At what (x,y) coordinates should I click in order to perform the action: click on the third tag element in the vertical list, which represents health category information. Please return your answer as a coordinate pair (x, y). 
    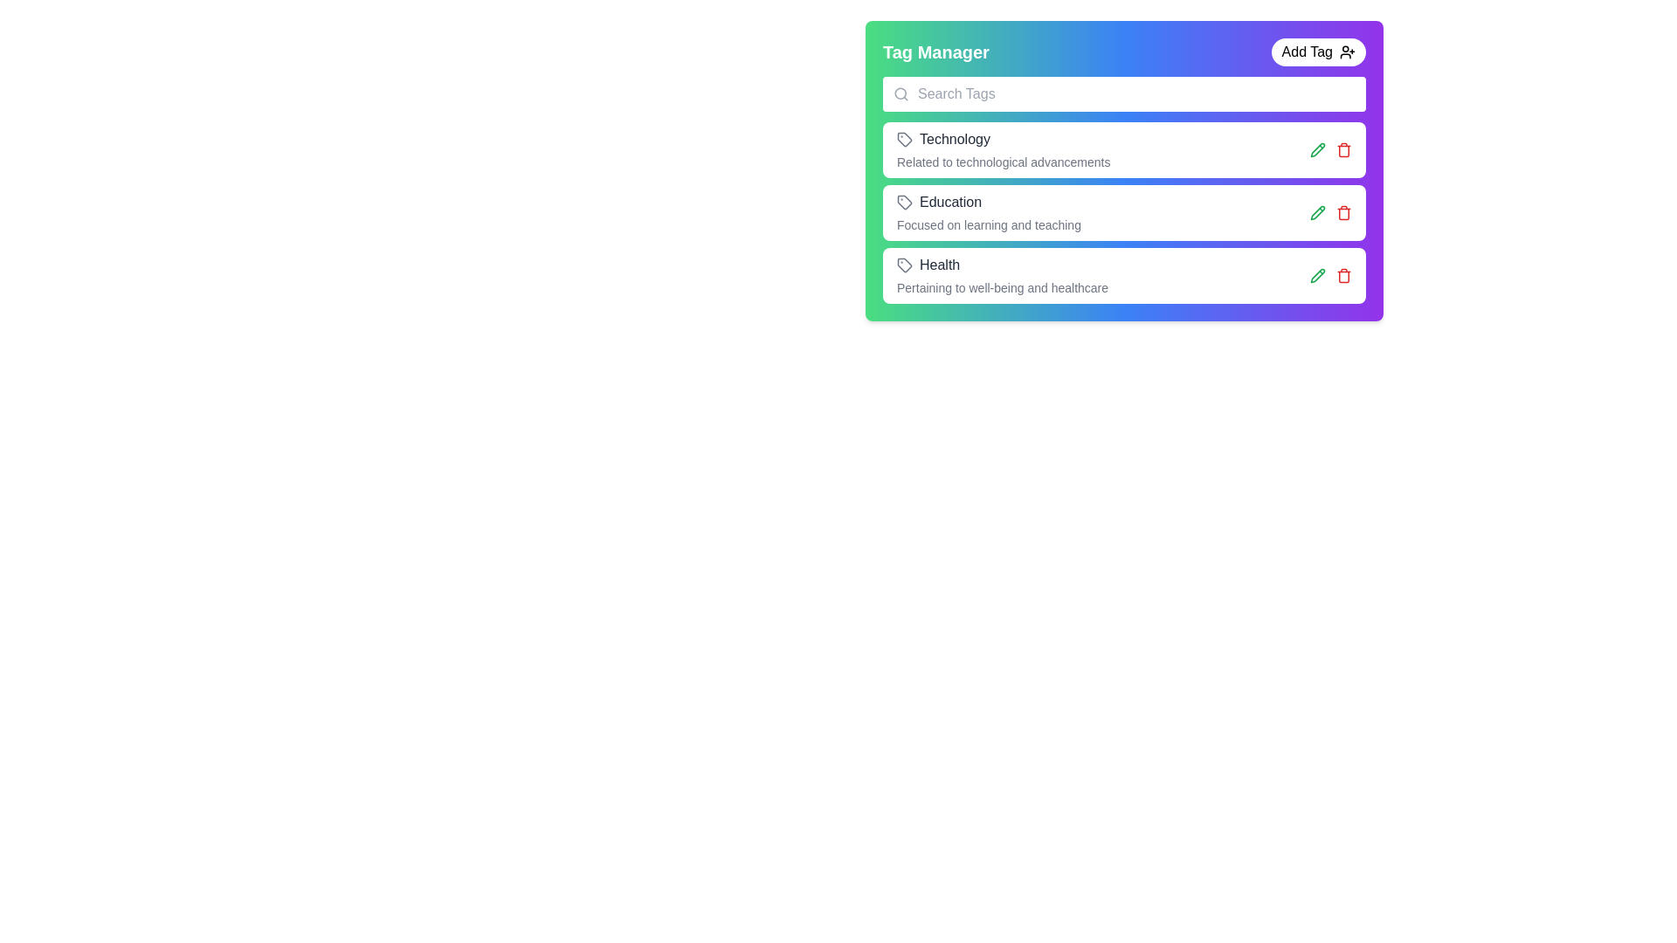
    Looking at the image, I should click on (1002, 275).